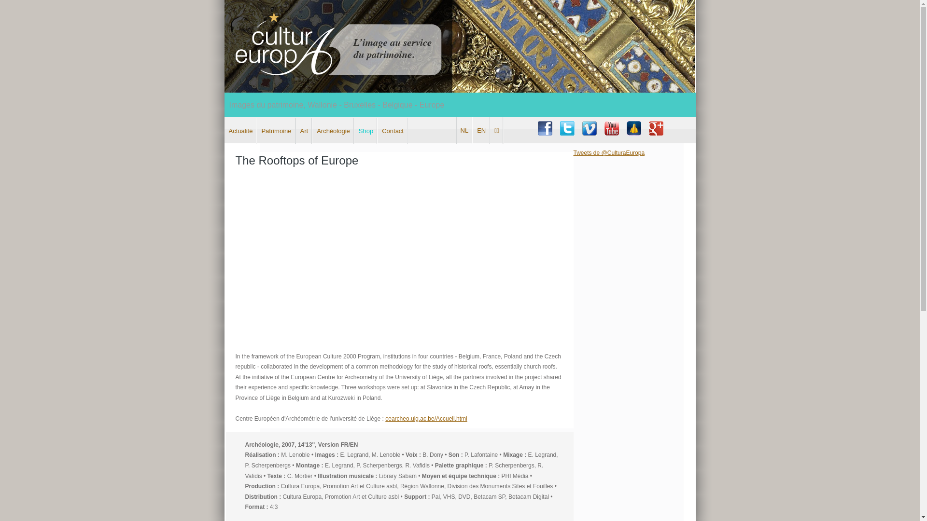  I want to click on 'Contact', so click(393, 131).